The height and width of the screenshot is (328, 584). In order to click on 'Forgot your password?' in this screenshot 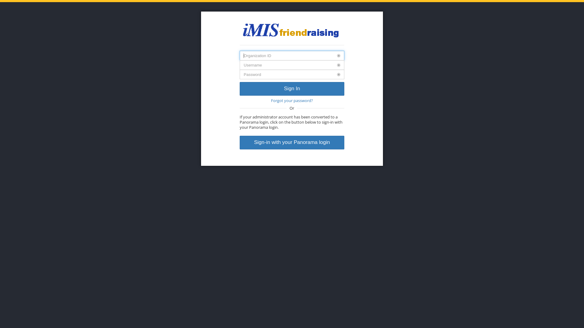, I will do `click(291, 100)`.